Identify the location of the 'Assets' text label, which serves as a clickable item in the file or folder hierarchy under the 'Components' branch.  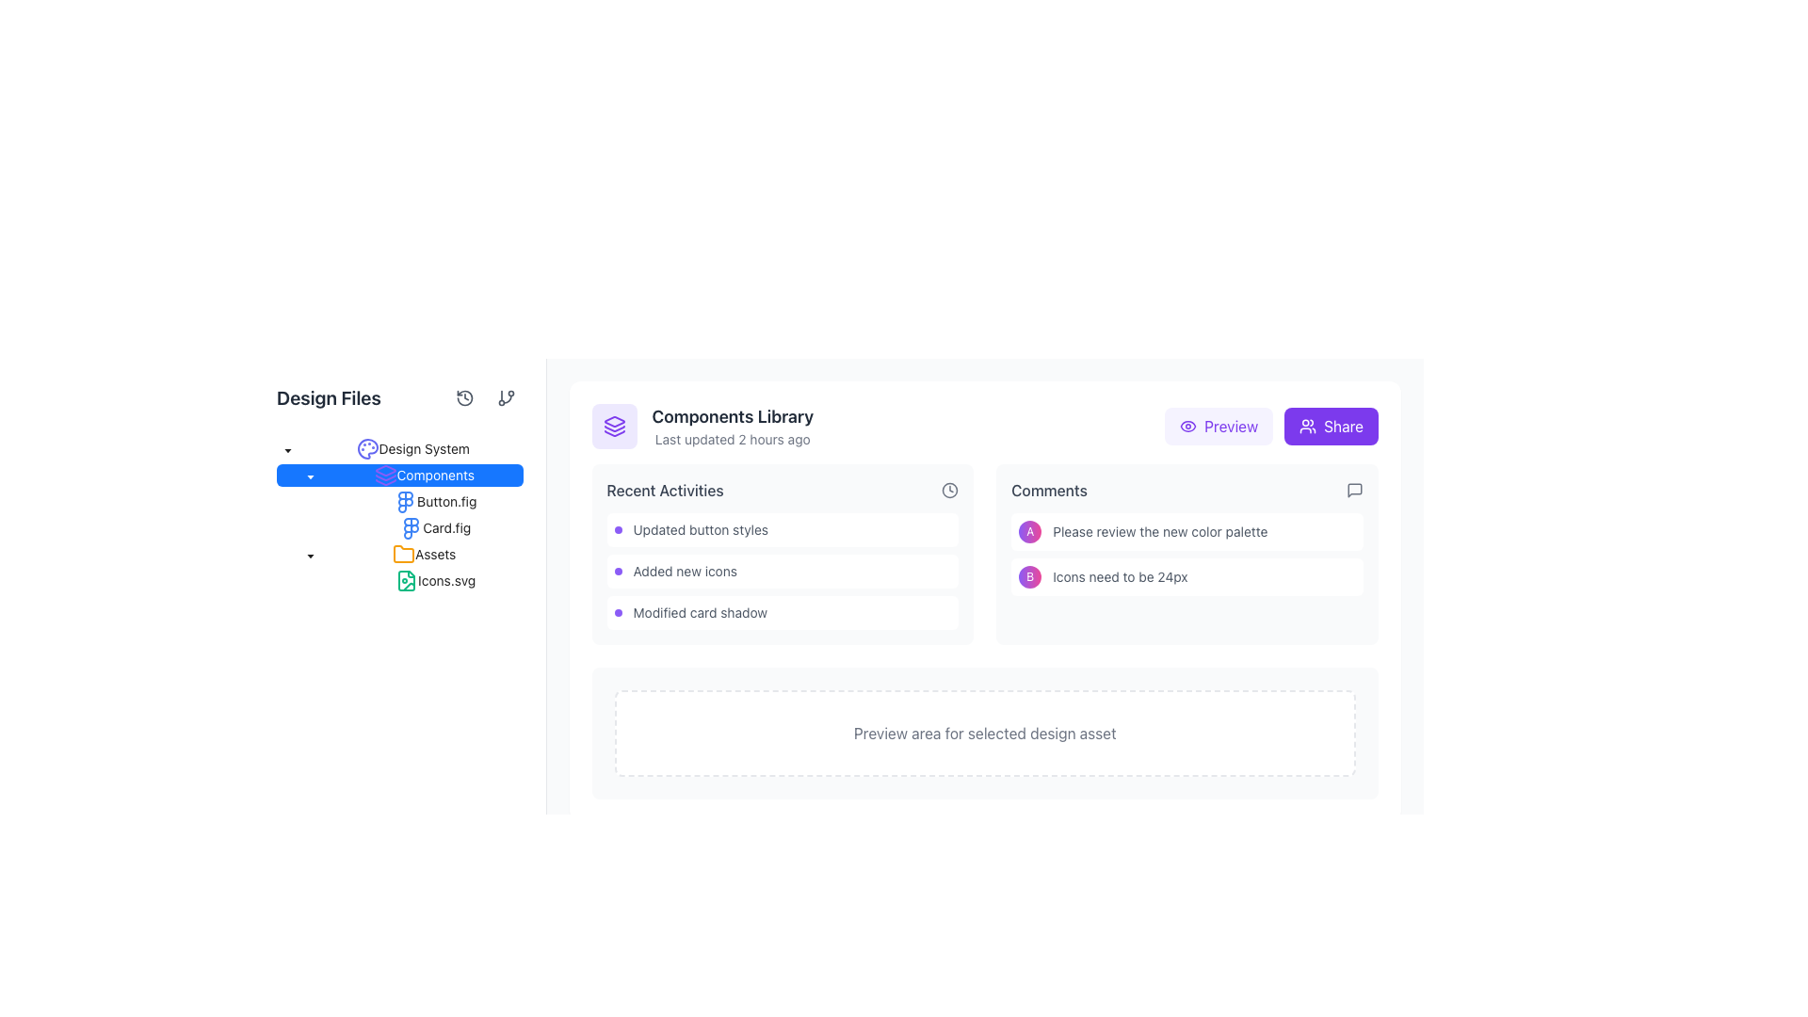
(434, 553).